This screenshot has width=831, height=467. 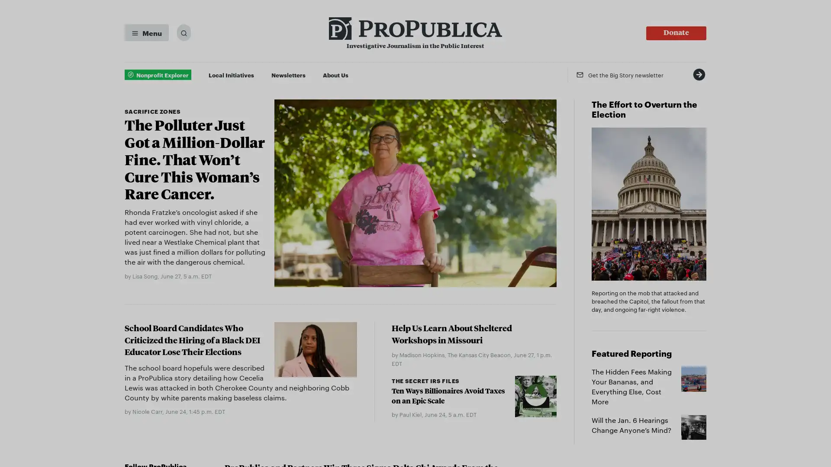 I want to click on Arrow Right, so click(x=699, y=74).